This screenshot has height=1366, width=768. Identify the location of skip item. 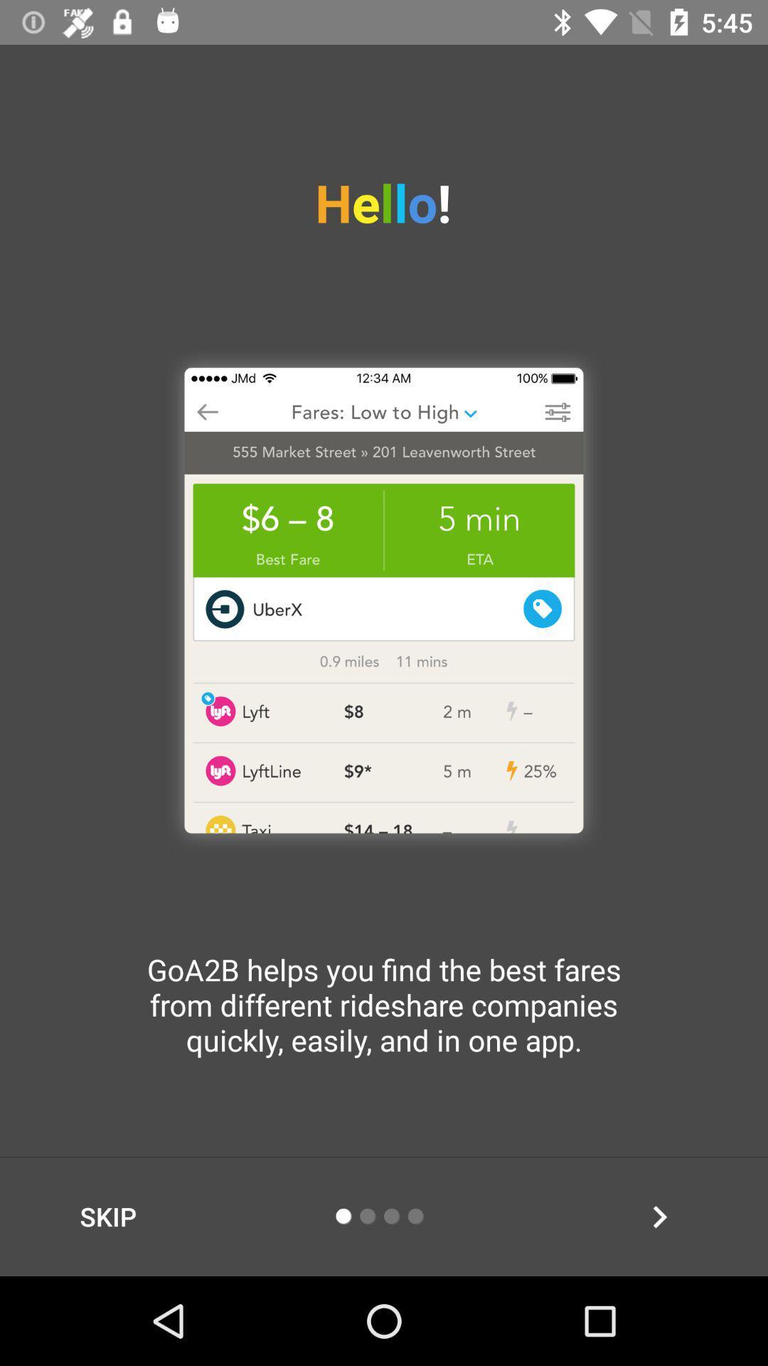
(107, 1216).